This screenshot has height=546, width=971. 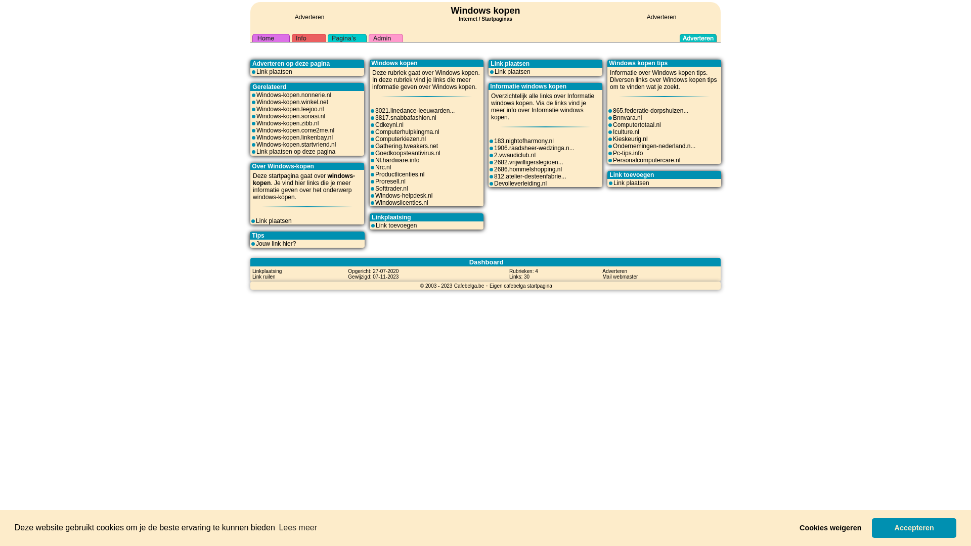 What do you see at coordinates (295, 152) in the screenshot?
I see `'Link plaatsen op deze pagina'` at bounding box center [295, 152].